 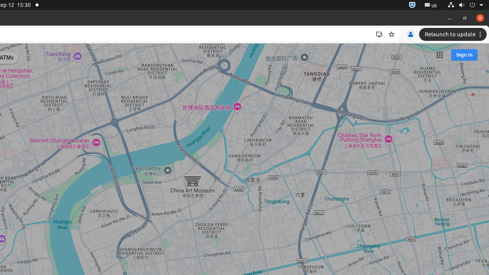 What do you see at coordinates (379, 34) in the screenshot?
I see `'Install Google Maps'` at bounding box center [379, 34].